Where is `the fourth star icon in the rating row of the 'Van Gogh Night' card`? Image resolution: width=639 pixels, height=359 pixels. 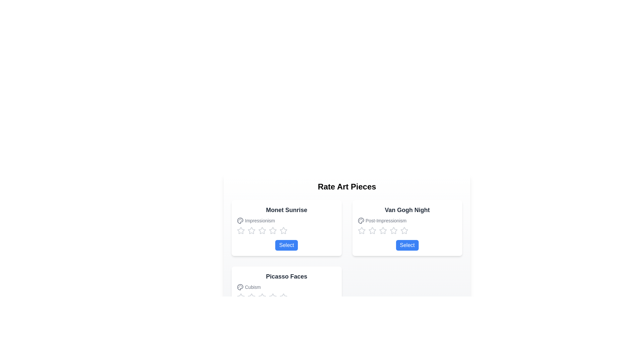
the fourth star icon in the rating row of the 'Van Gogh Night' card is located at coordinates (383, 230).